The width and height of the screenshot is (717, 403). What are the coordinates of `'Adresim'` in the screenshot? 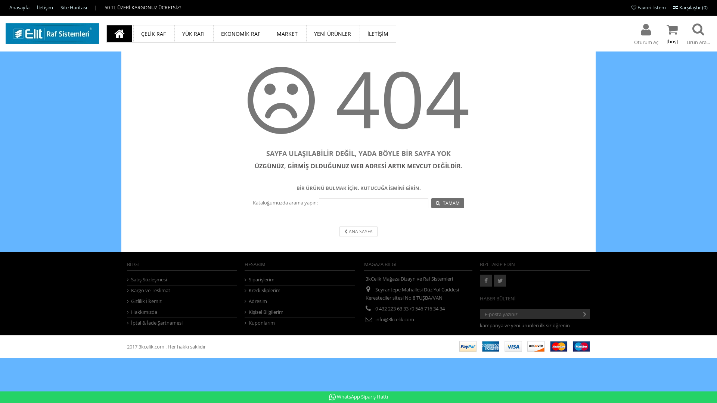 It's located at (245, 301).